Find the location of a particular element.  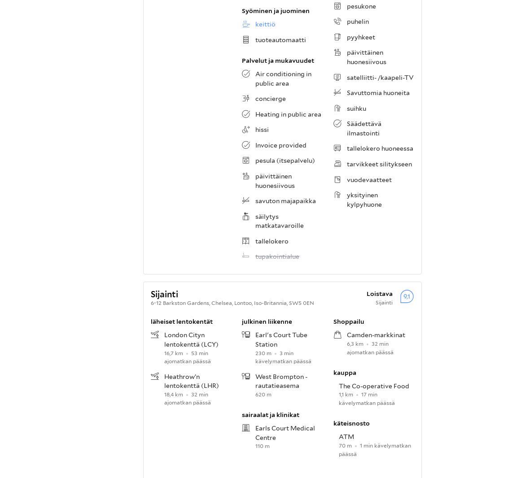

'Loistava' is located at coordinates (379, 292).